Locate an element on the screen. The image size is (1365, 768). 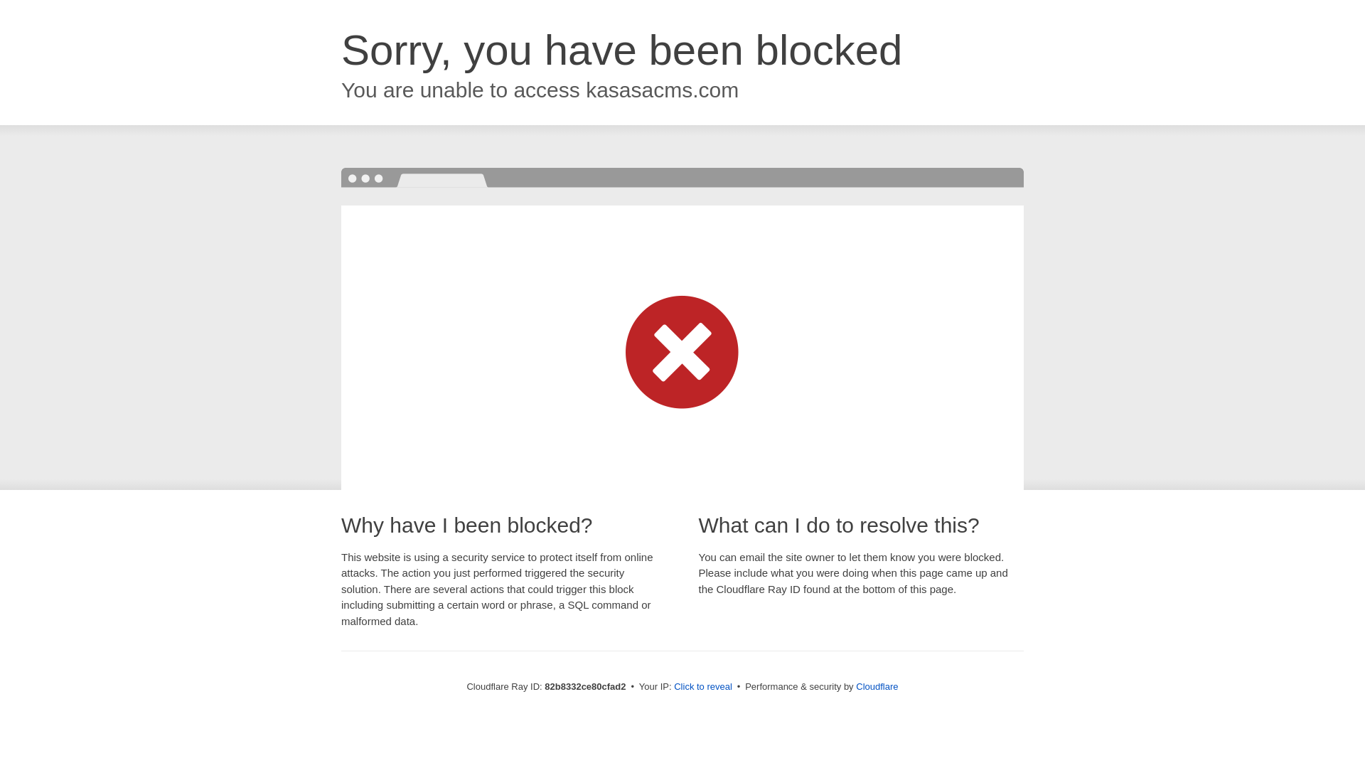
'Cloudflare' is located at coordinates (876, 686).